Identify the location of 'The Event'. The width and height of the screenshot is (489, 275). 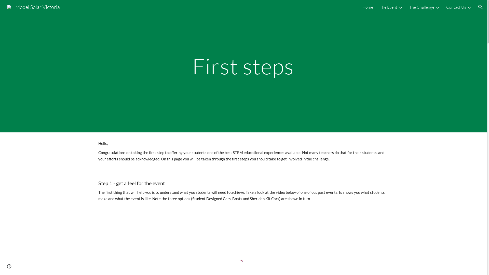
(380, 7).